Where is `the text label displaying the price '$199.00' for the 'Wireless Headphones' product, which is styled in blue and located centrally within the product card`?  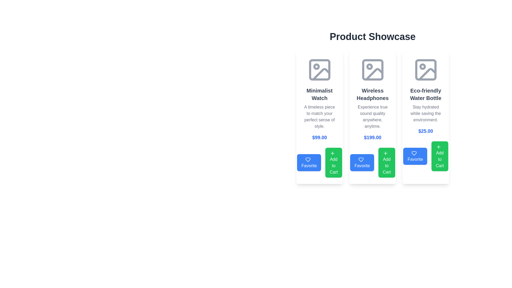 the text label displaying the price '$199.00' for the 'Wireless Headphones' product, which is styled in blue and located centrally within the product card is located at coordinates (372, 137).